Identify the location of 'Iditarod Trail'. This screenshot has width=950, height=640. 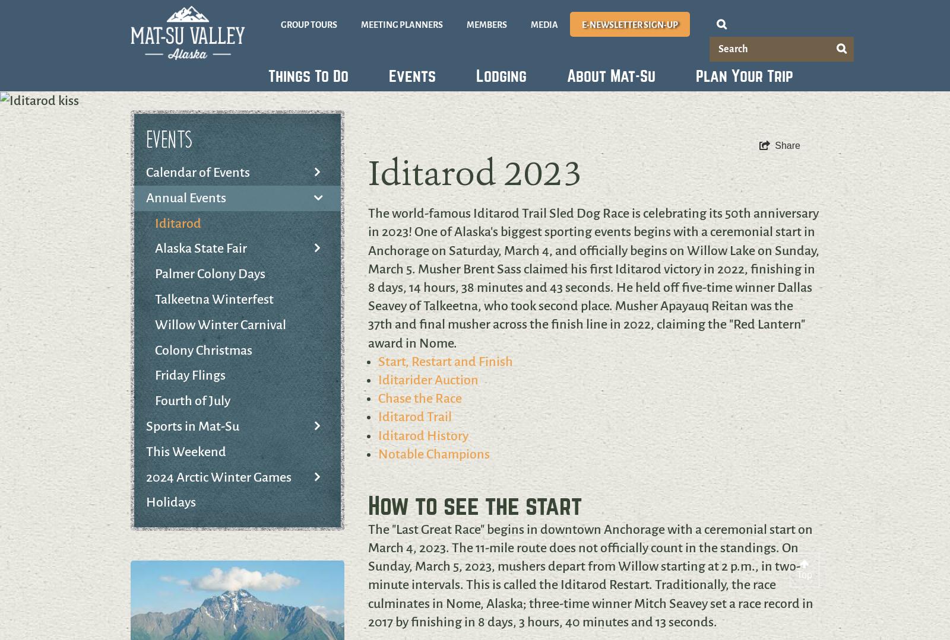
(414, 416).